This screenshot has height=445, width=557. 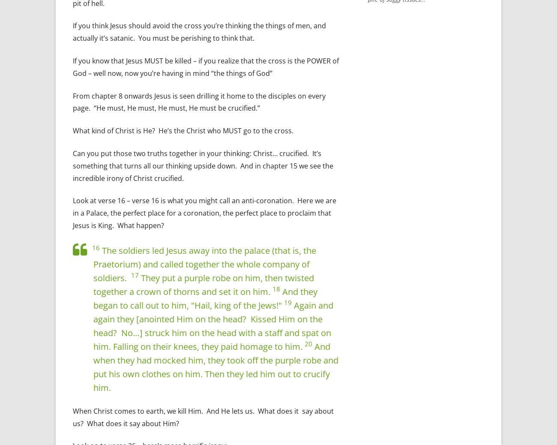 I want to click on 'Can you put those two truths together in your thinking: Christ… crucified.  It’s something that turns all our thinking upside down.  And in chapter 15 we see the incredible irony of Christ crucified.', so click(x=202, y=165).